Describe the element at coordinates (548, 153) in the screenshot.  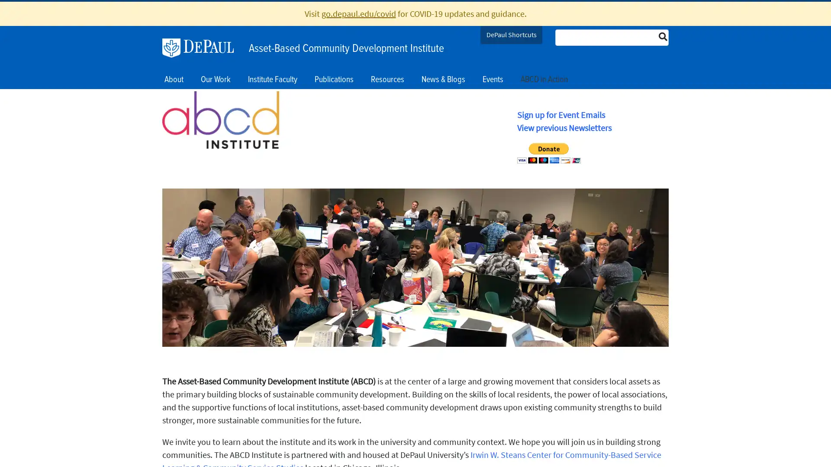
I see `Donate with PayPal button` at that location.